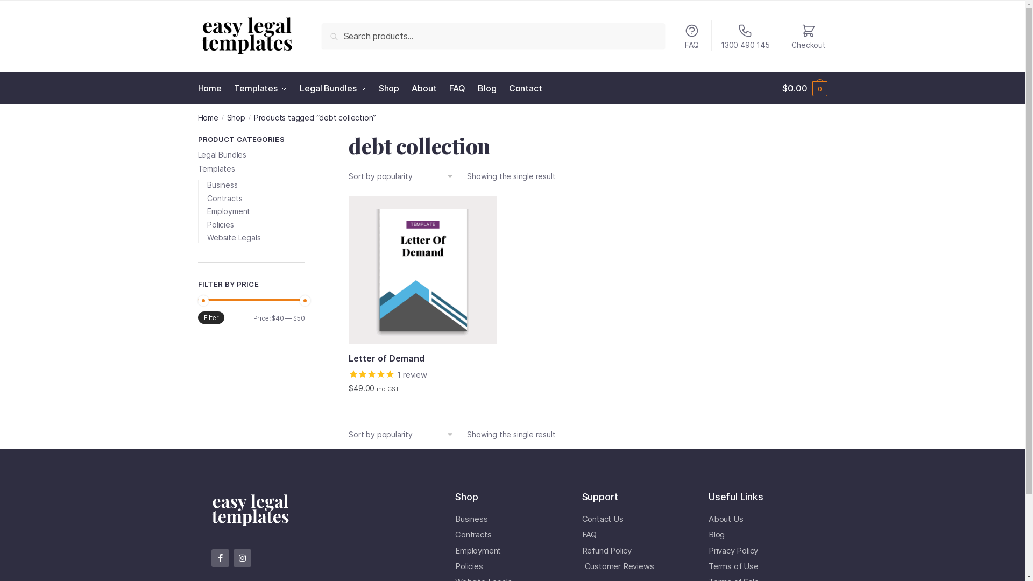 Image resolution: width=1033 pixels, height=581 pixels. What do you see at coordinates (745, 35) in the screenshot?
I see `'1300 490 145'` at bounding box center [745, 35].